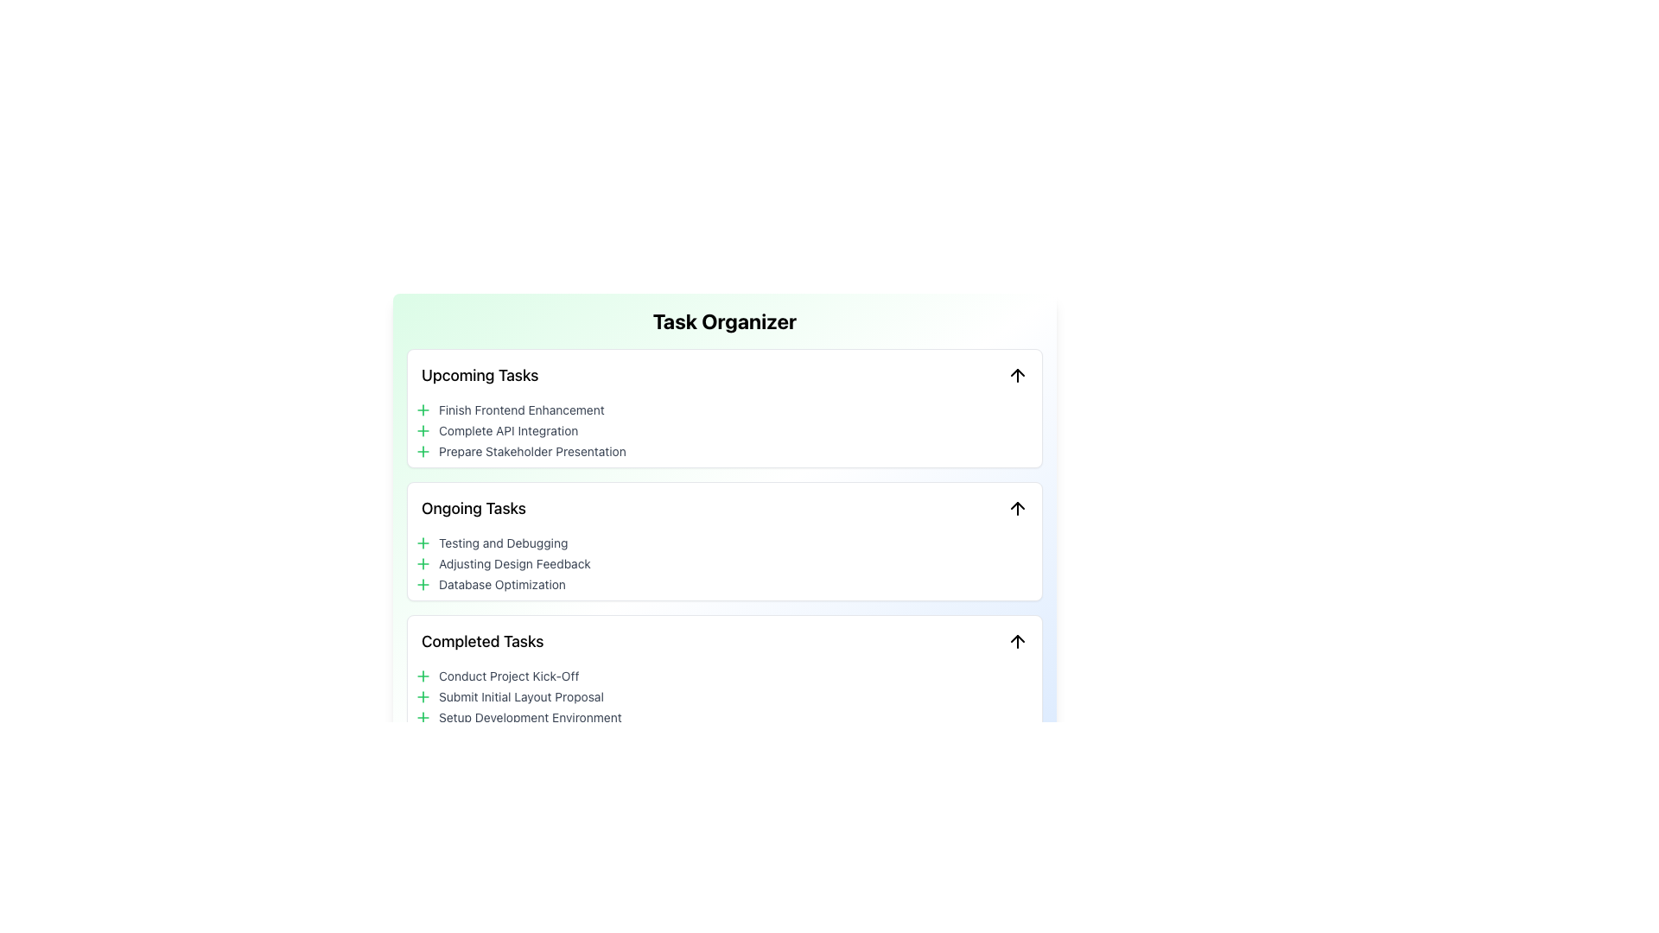  I want to click on the upward-pointing arrow icon located on the far right of the 'Completed Tasks' section, so click(1017, 642).